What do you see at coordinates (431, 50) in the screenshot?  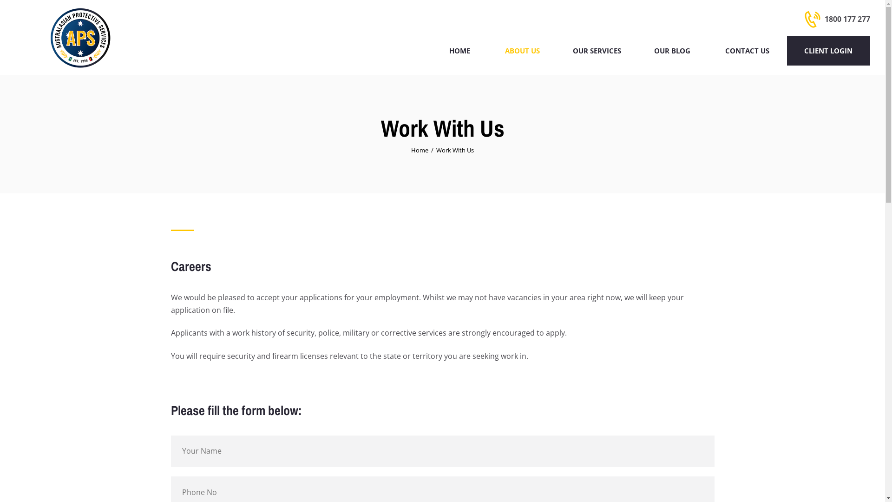 I see `'HOME'` at bounding box center [431, 50].